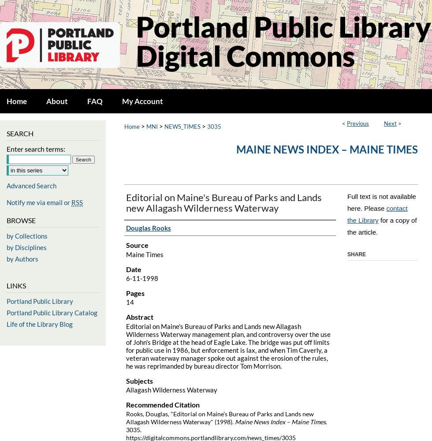 Image resolution: width=432 pixels, height=441 pixels. What do you see at coordinates (126, 316) in the screenshot?
I see `'Abstract'` at bounding box center [126, 316].